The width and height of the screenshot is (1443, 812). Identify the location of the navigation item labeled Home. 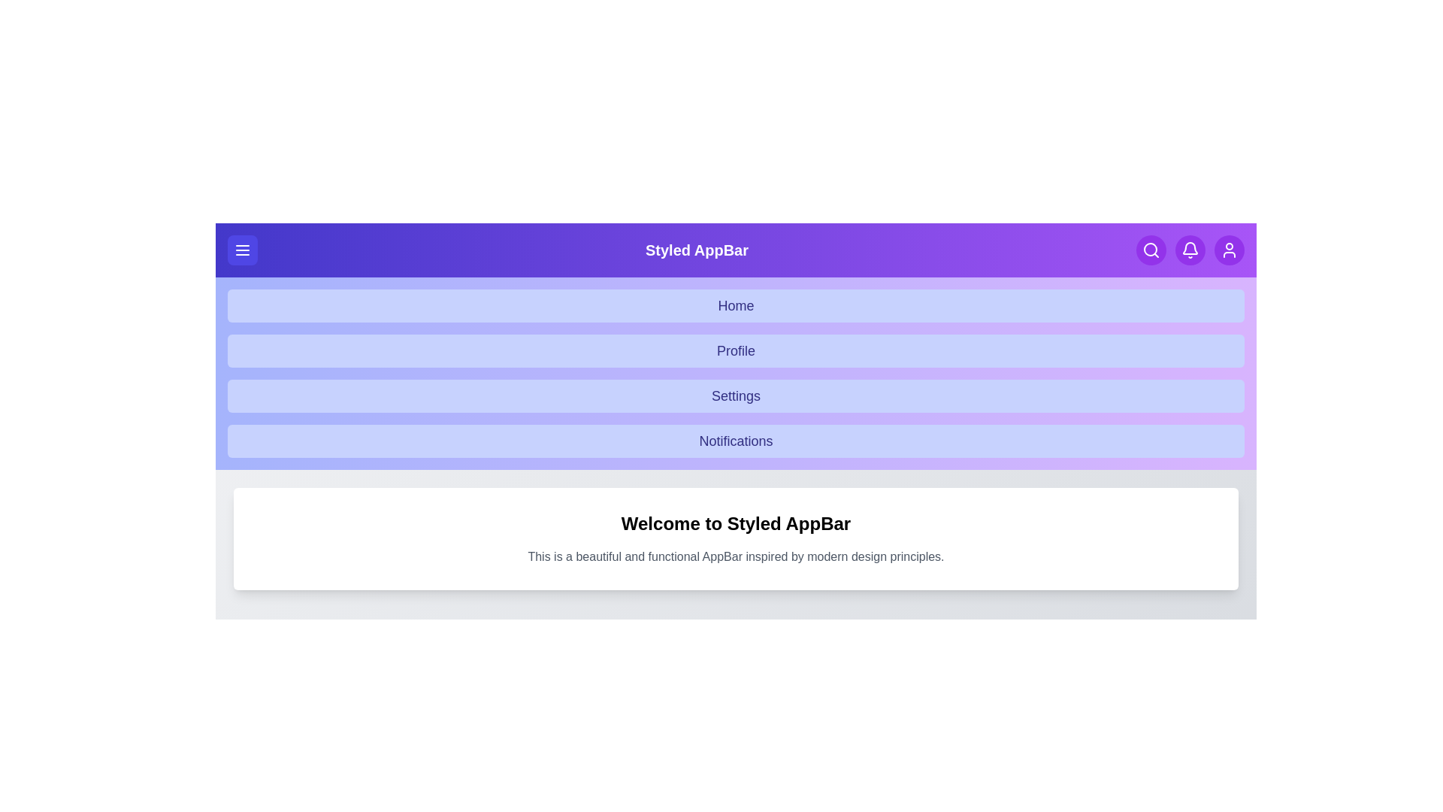
(736, 305).